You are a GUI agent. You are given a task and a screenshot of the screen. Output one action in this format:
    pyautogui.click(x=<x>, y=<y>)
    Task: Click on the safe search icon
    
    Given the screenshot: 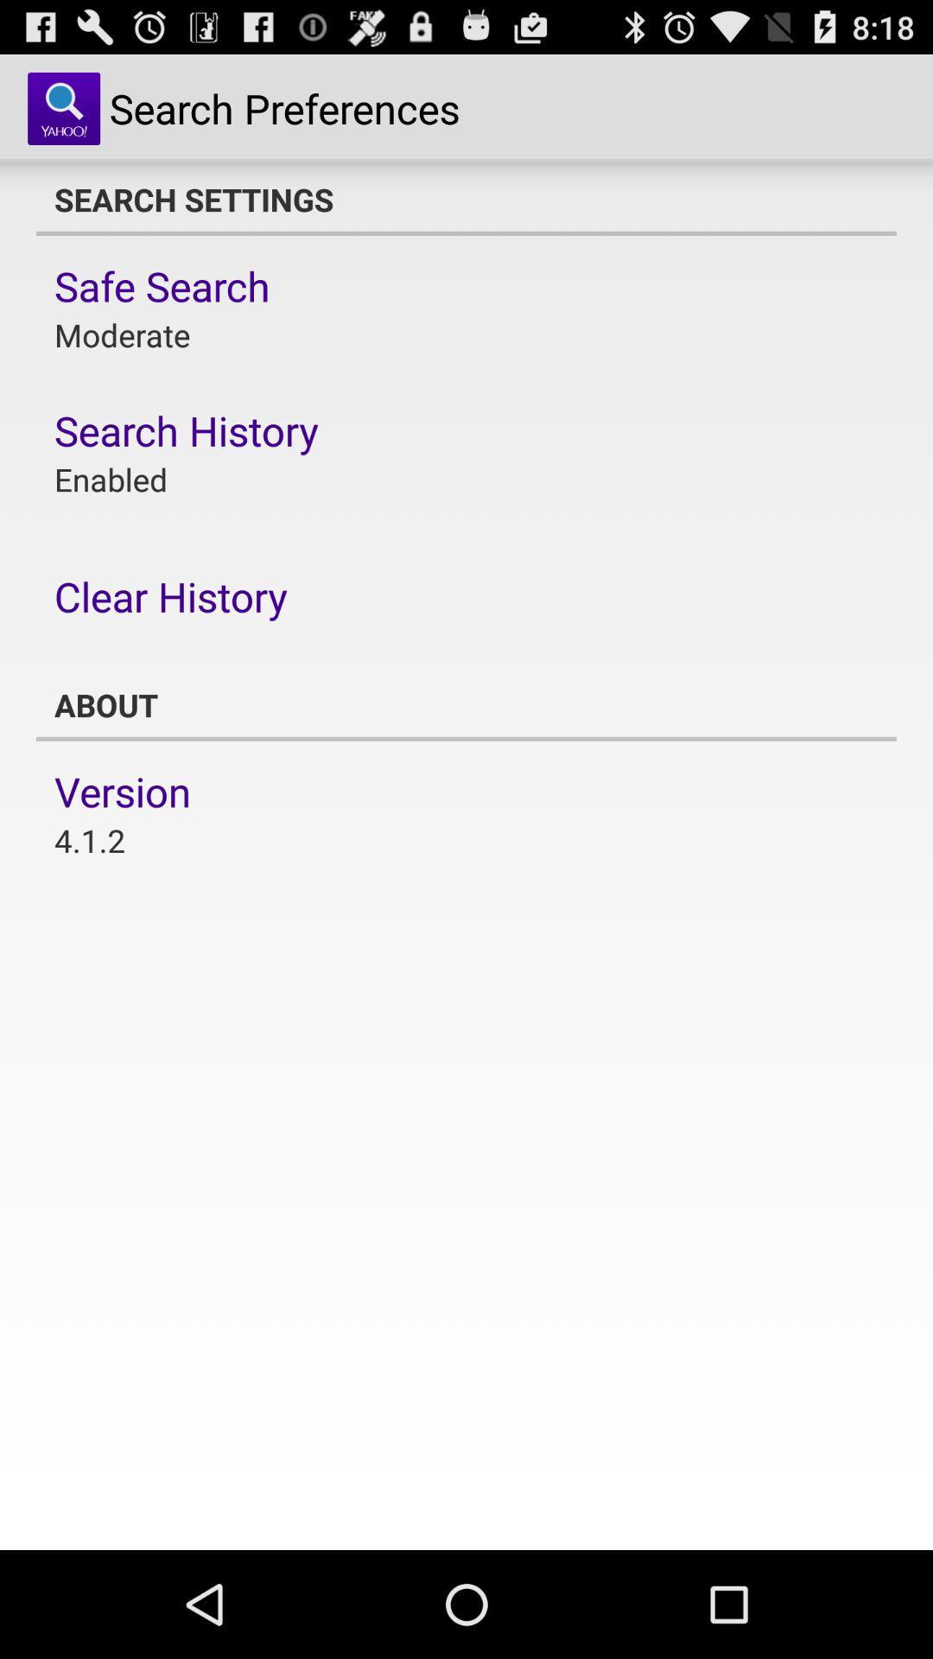 What is the action you would take?
    pyautogui.click(x=162, y=286)
    